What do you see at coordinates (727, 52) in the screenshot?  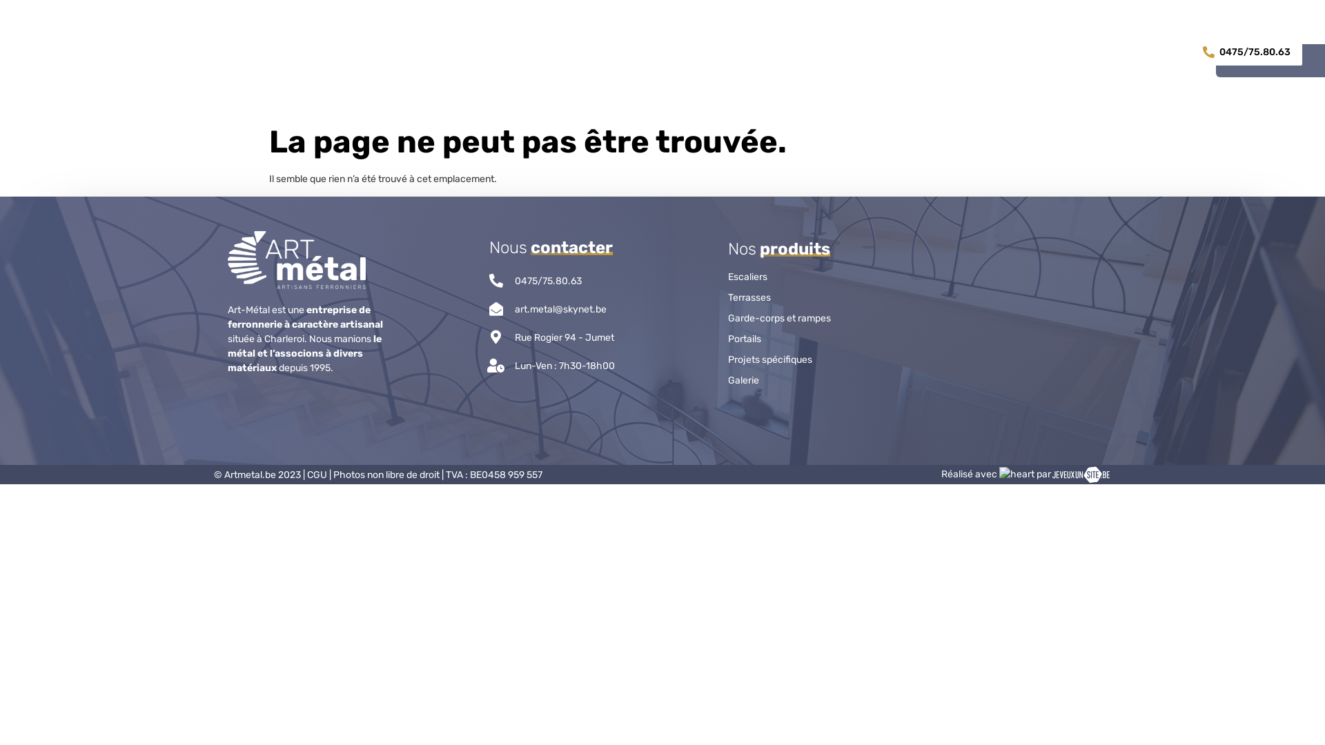 I see `'SERVICES'` at bounding box center [727, 52].